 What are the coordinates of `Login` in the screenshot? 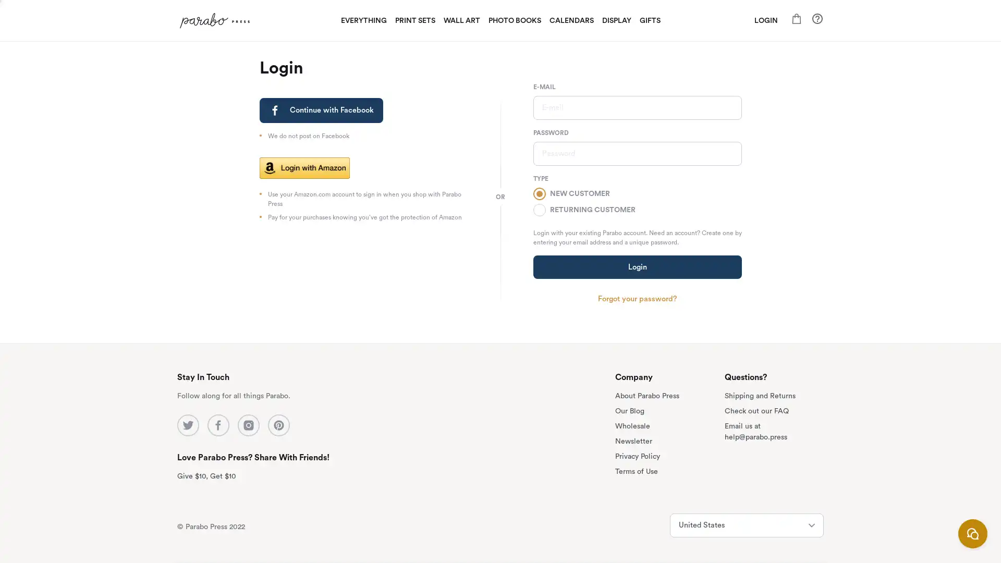 It's located at (637, 266).